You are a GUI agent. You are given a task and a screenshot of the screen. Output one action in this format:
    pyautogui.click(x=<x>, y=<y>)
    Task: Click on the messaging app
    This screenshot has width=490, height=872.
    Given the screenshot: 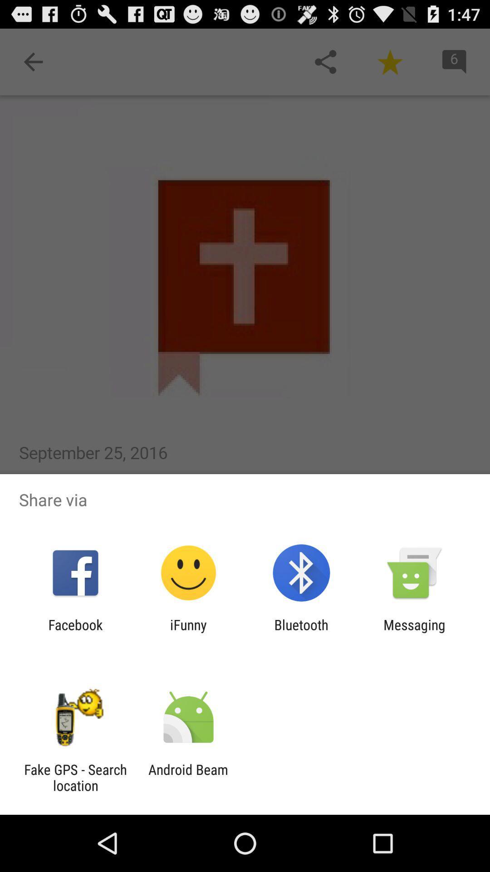 What is the action you would take?
    pyautogui.click(x=414, y=632)
    